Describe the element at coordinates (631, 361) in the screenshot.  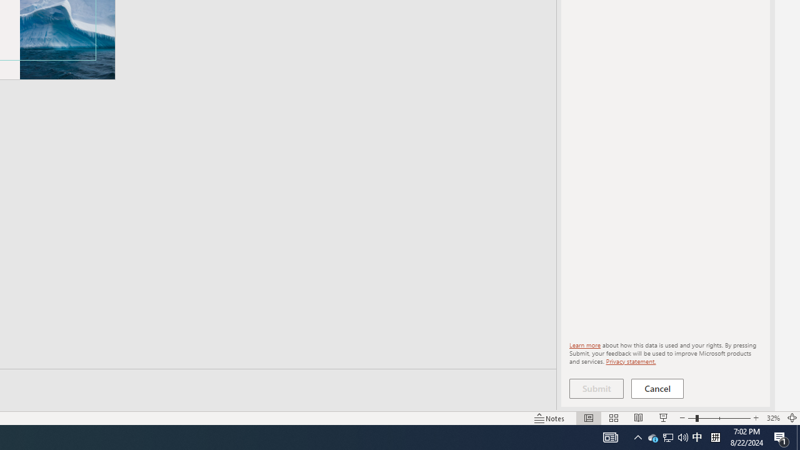
I see `'Privacy statement.'` at that location.